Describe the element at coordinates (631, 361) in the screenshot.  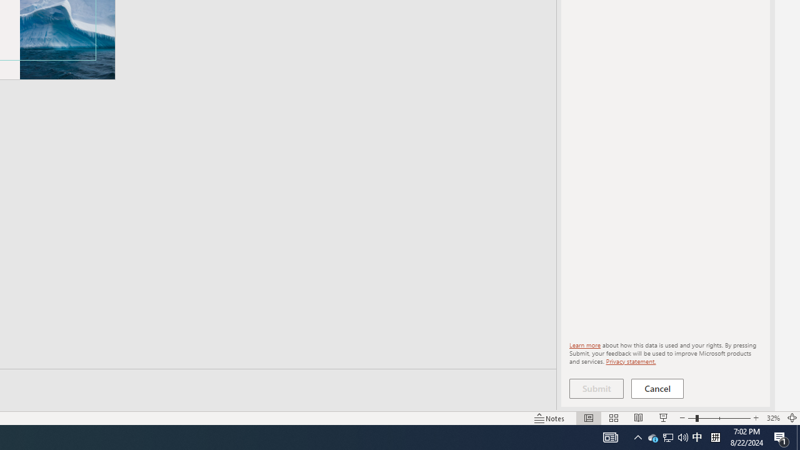
I see `'Privacy statement.'` at that location.